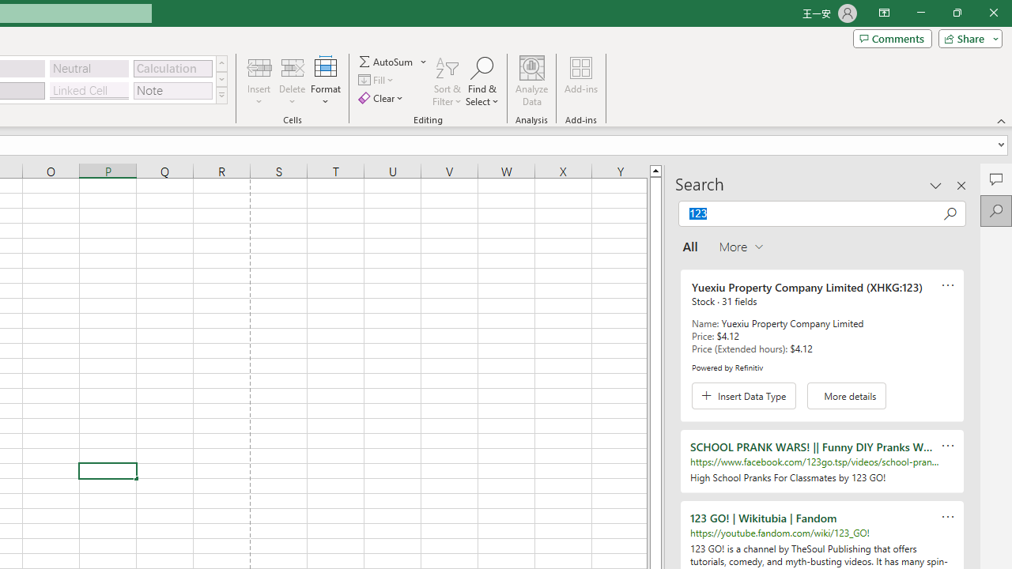  I want to click on 'Sort & Filter', so click(447, 81).